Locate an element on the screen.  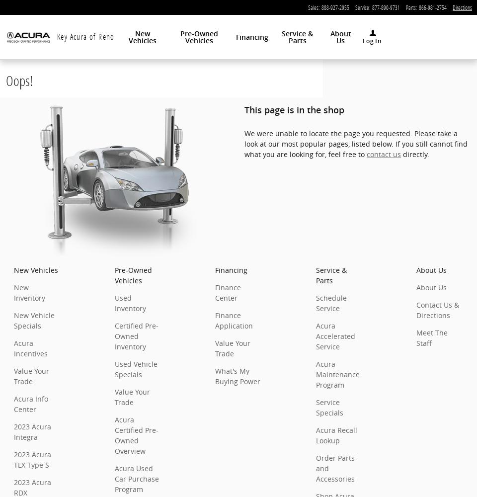
'Used Inventory' is located at coordinates (129, 303).